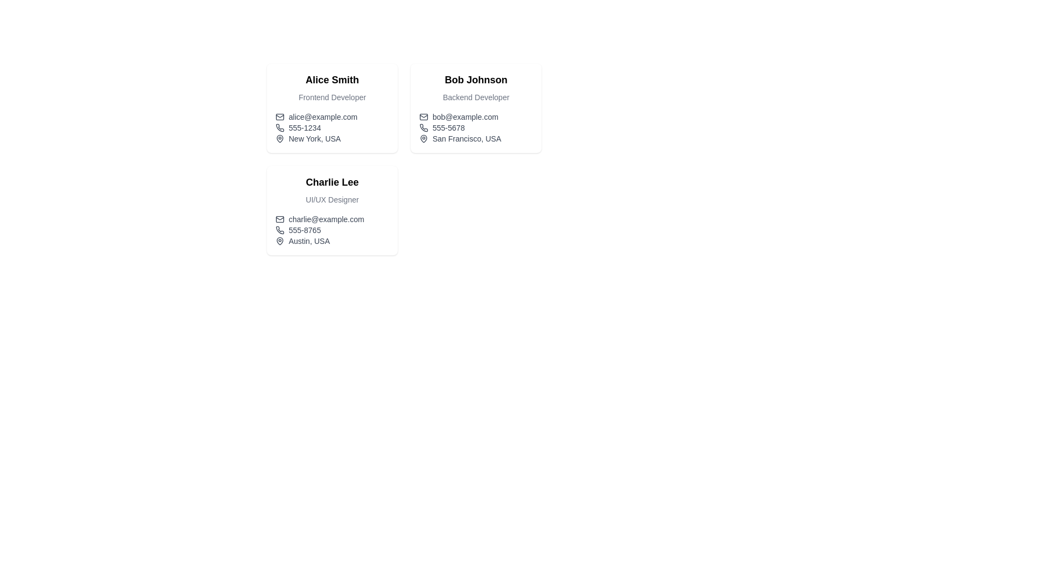 This screenshot has height=588, width=1046. I want to click on the text displaying the email address 'charlie@example.com', so click(326, 219).